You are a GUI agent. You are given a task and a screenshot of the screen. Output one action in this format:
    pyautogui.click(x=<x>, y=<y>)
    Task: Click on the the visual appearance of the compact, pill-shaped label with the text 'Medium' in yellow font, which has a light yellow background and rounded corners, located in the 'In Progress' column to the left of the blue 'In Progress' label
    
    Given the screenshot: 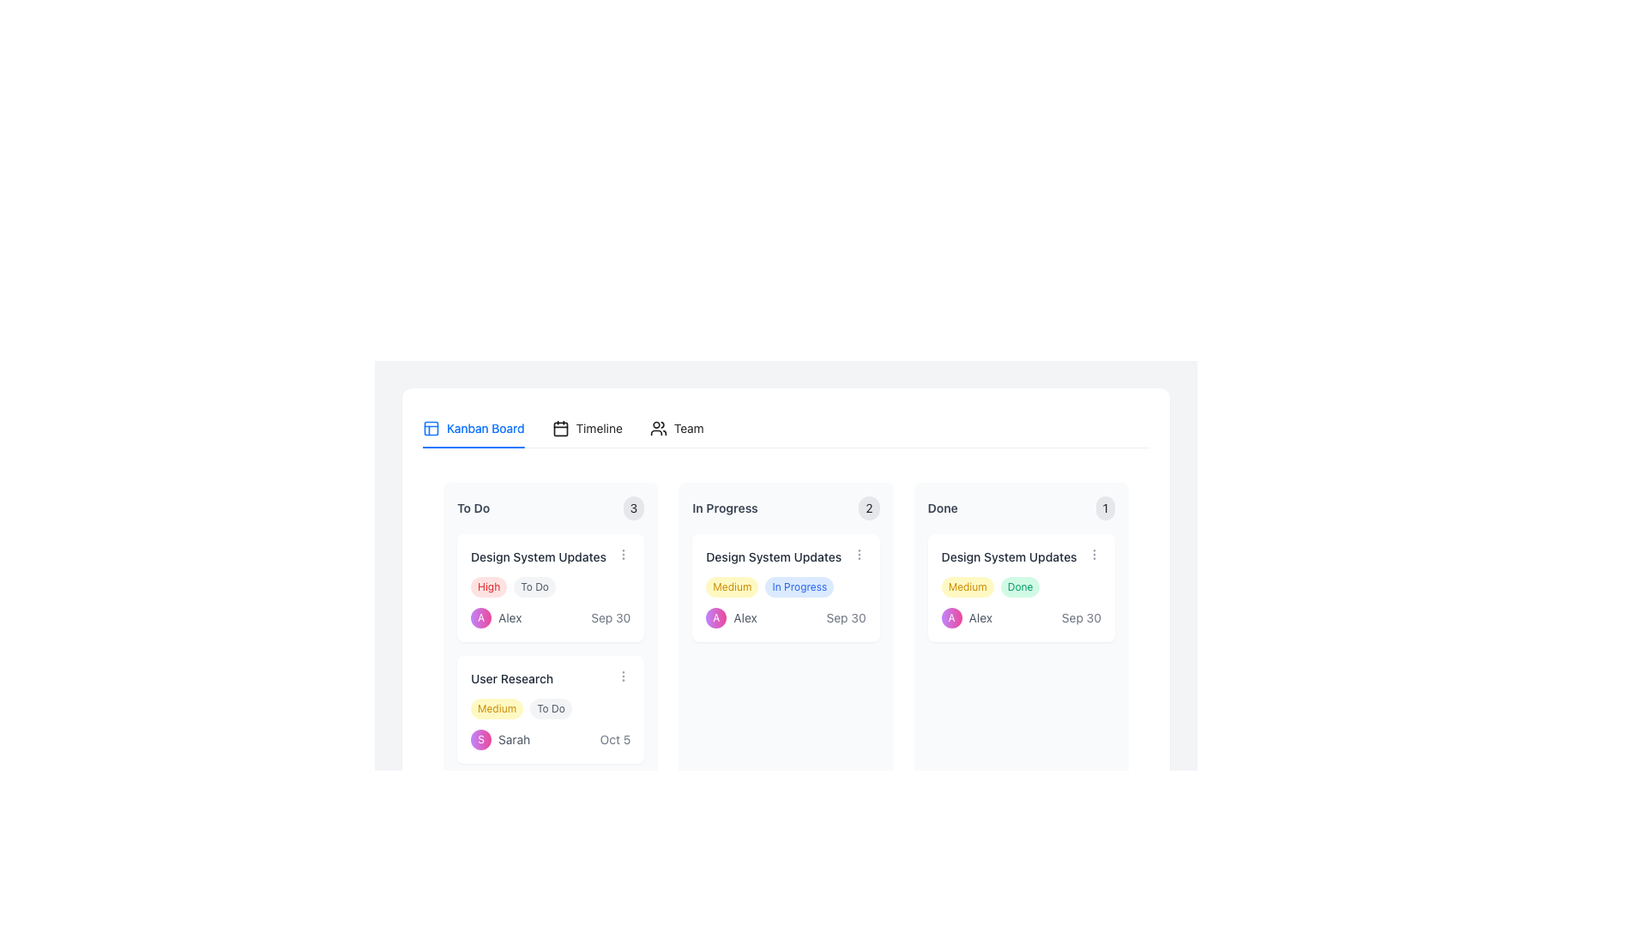 What is the action you would take?
    pyautogui.click(x=732, y=586)
    